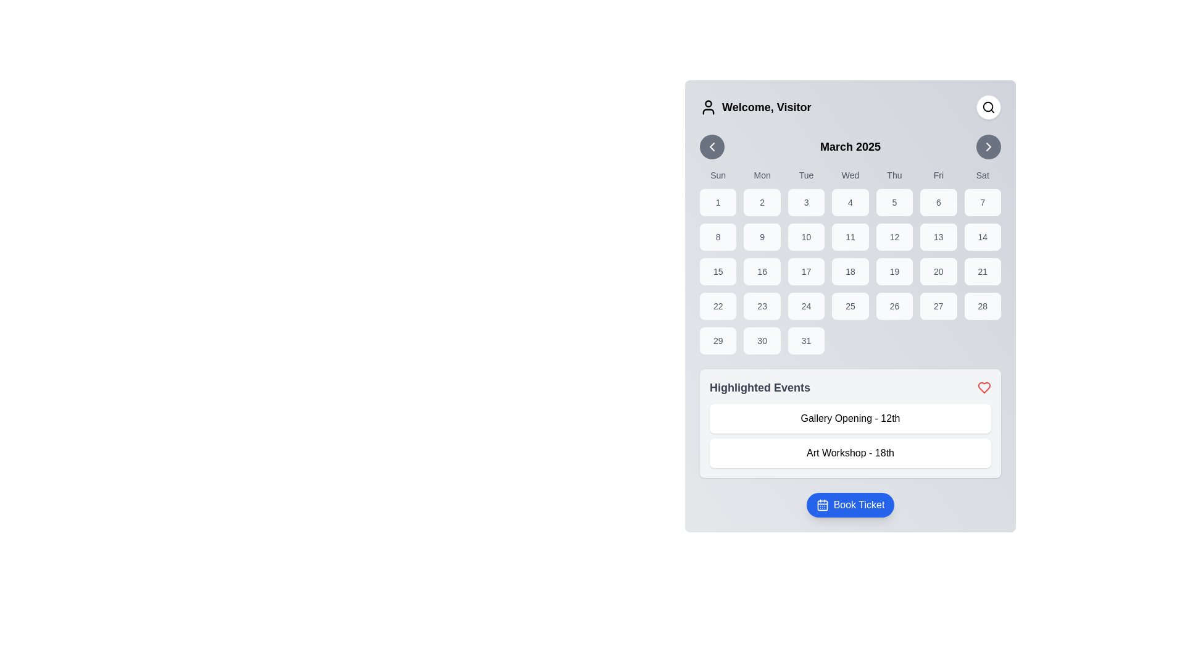  Describe the element at coordinates (762, 271) in the screenshot. I see `the calendar date representation for March 16th to trigger visual feedback` at that location.